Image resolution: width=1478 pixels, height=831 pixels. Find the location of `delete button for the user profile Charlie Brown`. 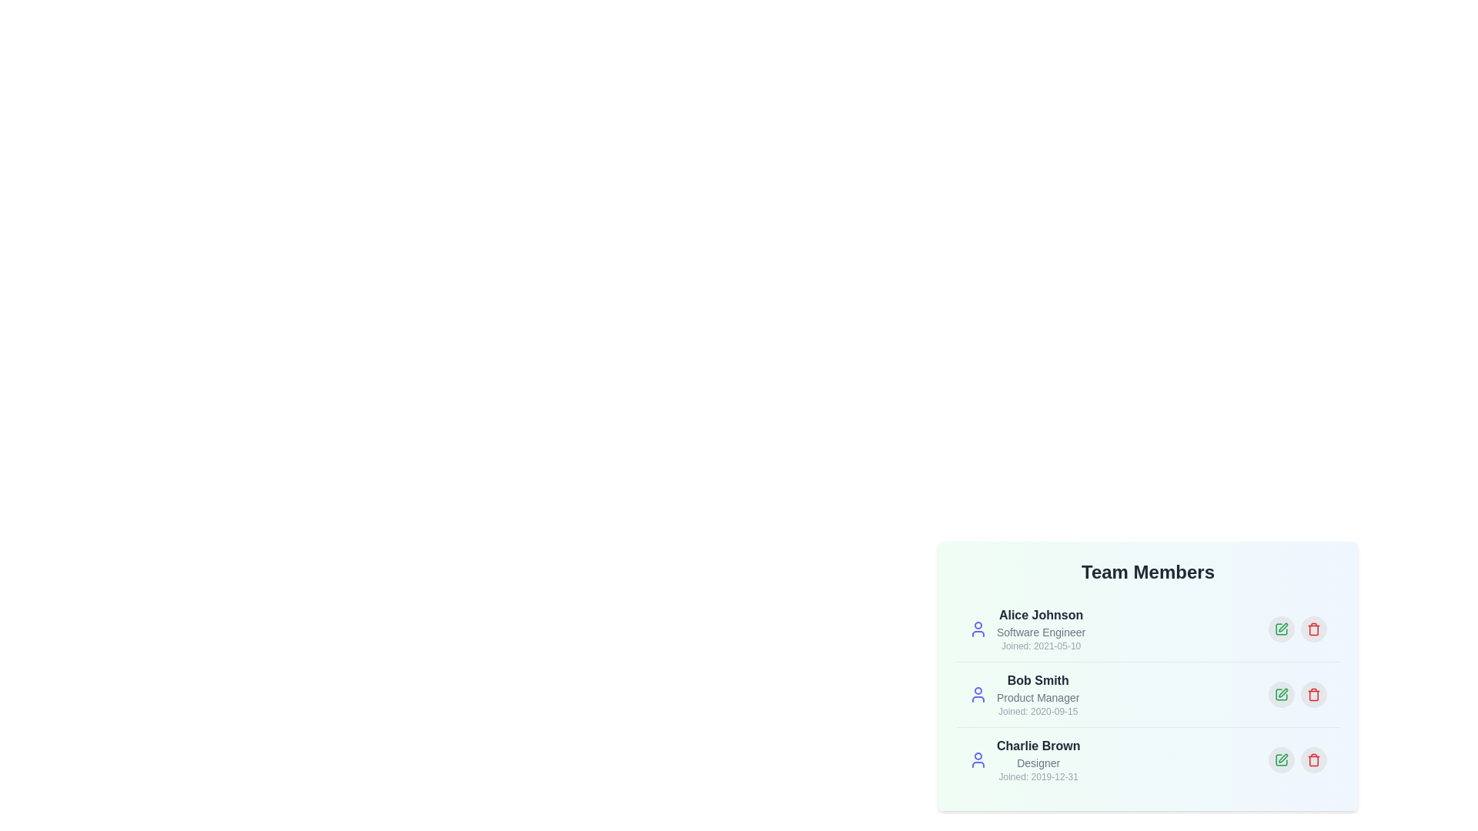

delete button for the user profile Charlie Brown is located at coordinates (1313, 759).